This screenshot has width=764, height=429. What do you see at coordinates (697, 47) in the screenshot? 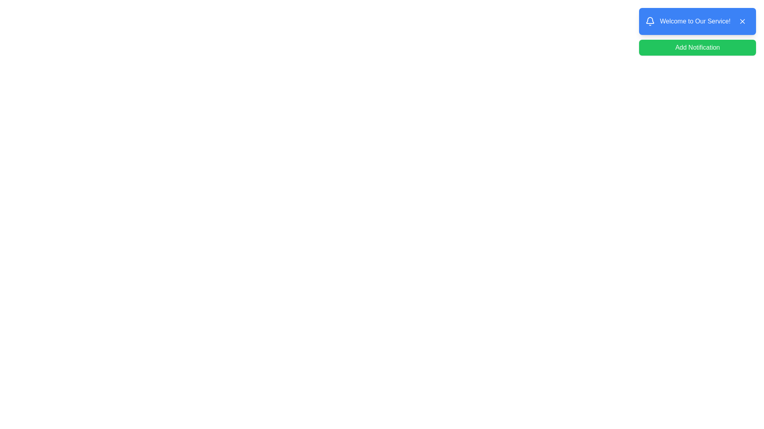
I see `the 'Add Notification' button, which has a green background and white text, located below the blue notification box` at bounding box center [697, 47].